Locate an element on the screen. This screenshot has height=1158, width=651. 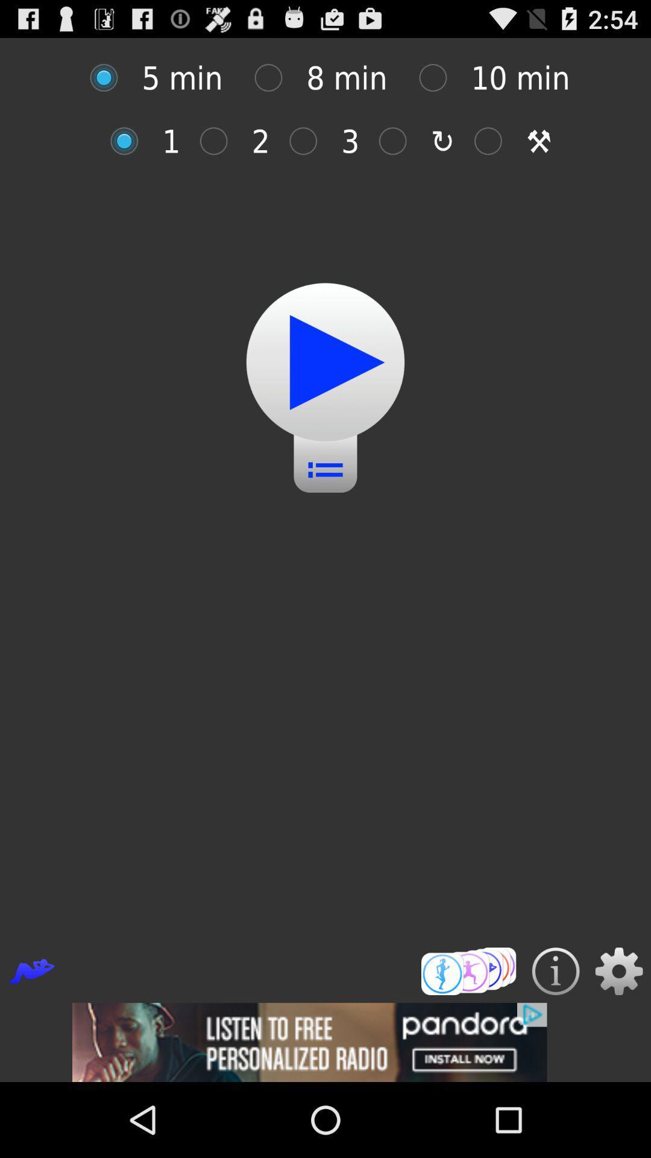
opens an advertisement is located at coordinates (325, 1042).